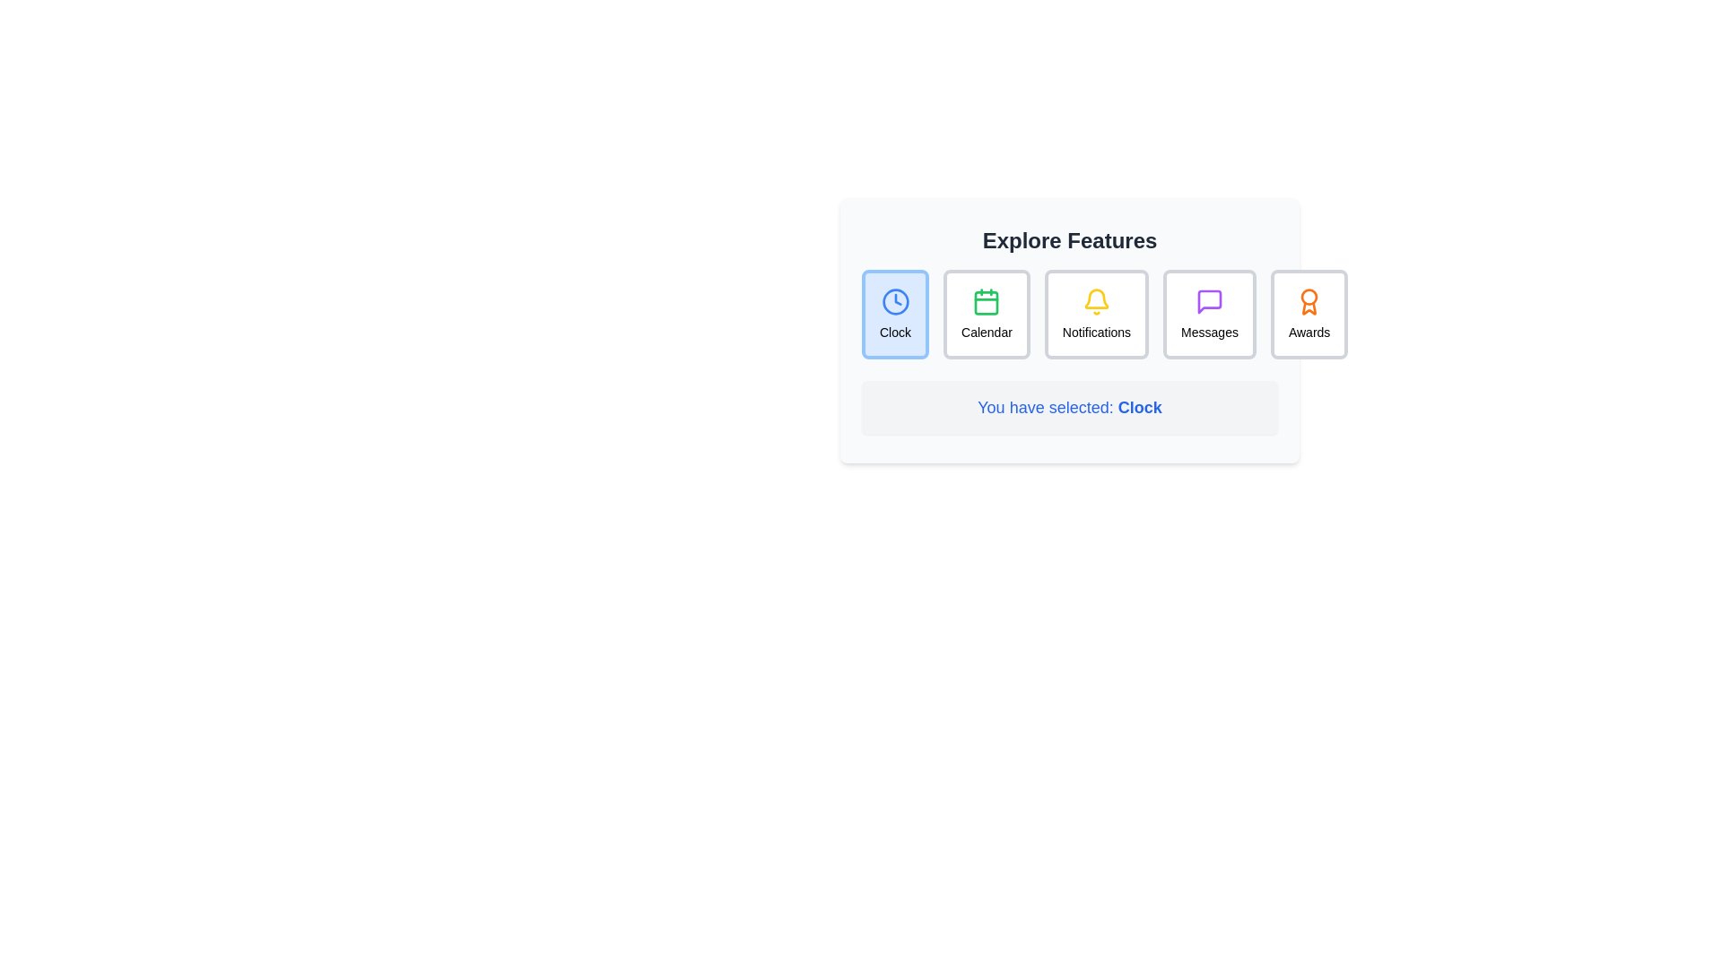 The height and width of the screenshot is (968, 1722). What do you see at coordinates (1096, 332) in the screenshot?
I see `the text label that describes the notifications feature, located directly below the bell icon in the menu` at bounding box center [1096, 332].